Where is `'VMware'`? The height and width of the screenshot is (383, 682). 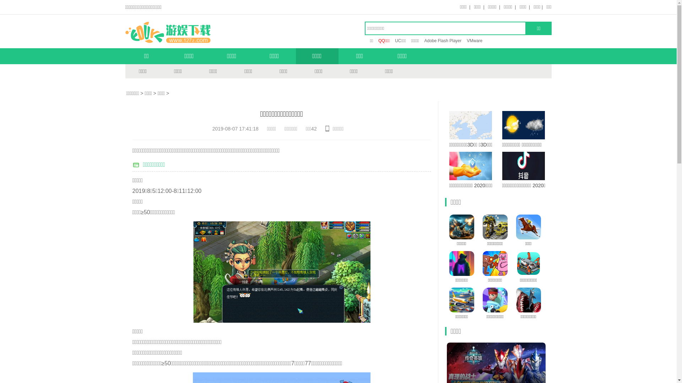
'VMware' is located at coordinates (474, 41).